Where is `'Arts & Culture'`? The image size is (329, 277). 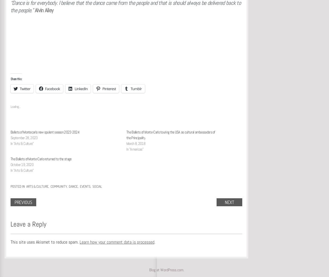
'Arts & Culture' is located at coordinates (26, 186).